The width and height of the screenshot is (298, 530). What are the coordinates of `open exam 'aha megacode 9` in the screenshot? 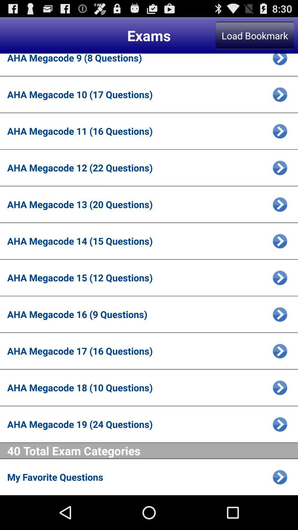 It's located at (280, 61).